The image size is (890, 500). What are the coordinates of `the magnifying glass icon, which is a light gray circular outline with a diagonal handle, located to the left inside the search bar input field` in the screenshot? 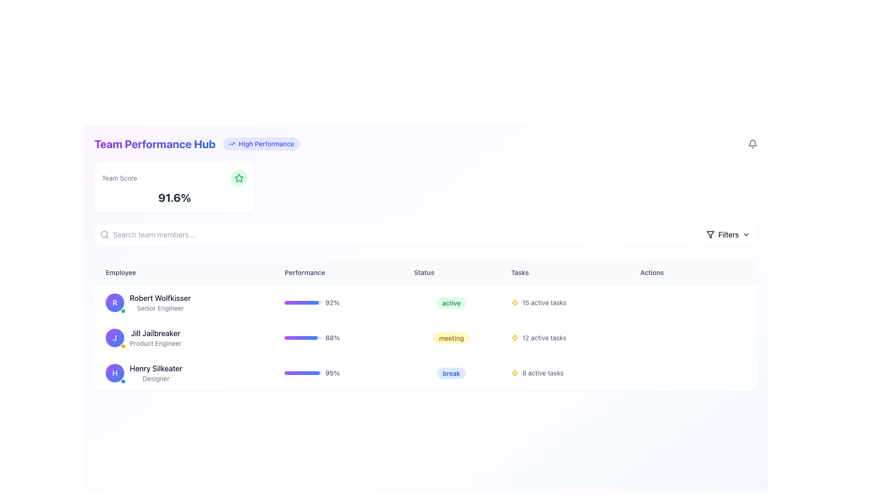 It's located at (104, 234).